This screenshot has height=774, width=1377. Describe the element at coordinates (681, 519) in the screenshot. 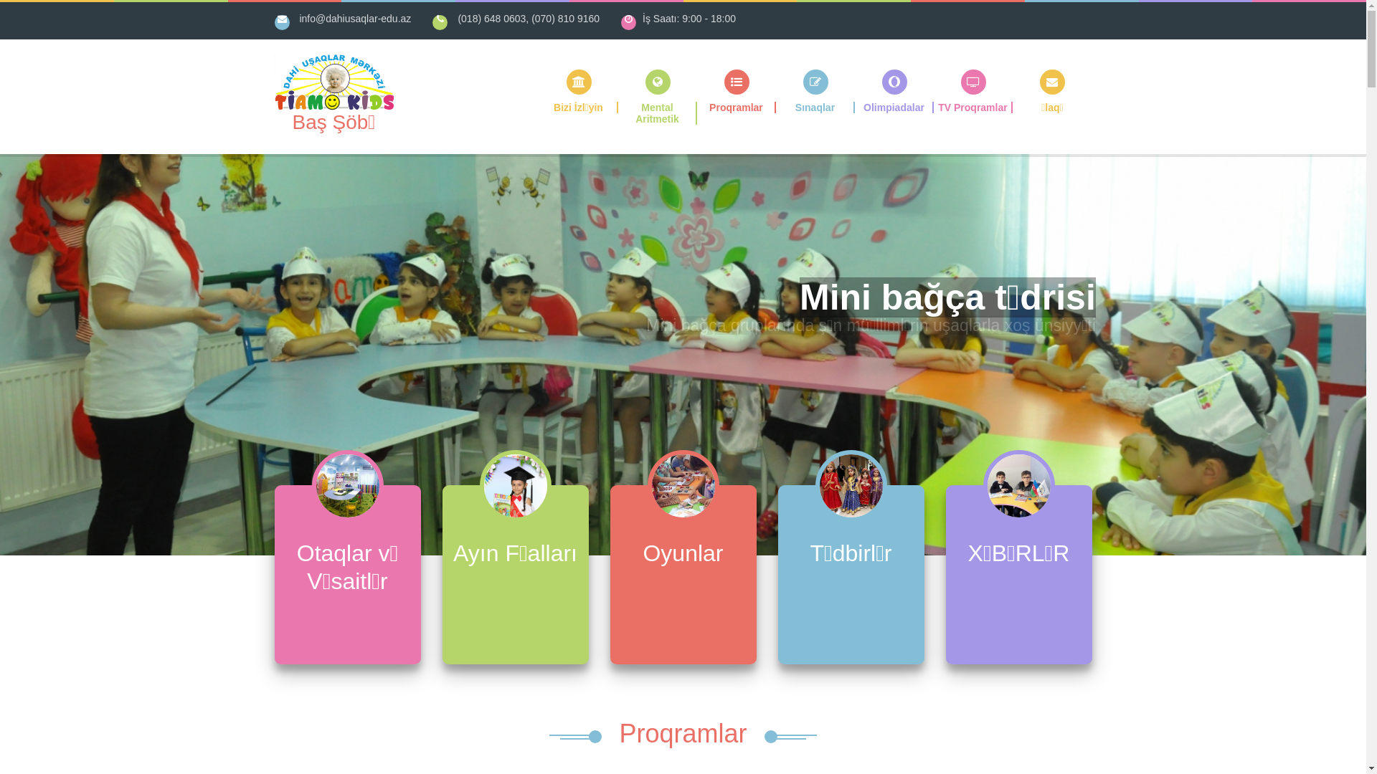

I see `'Oyunlar'` at that location.